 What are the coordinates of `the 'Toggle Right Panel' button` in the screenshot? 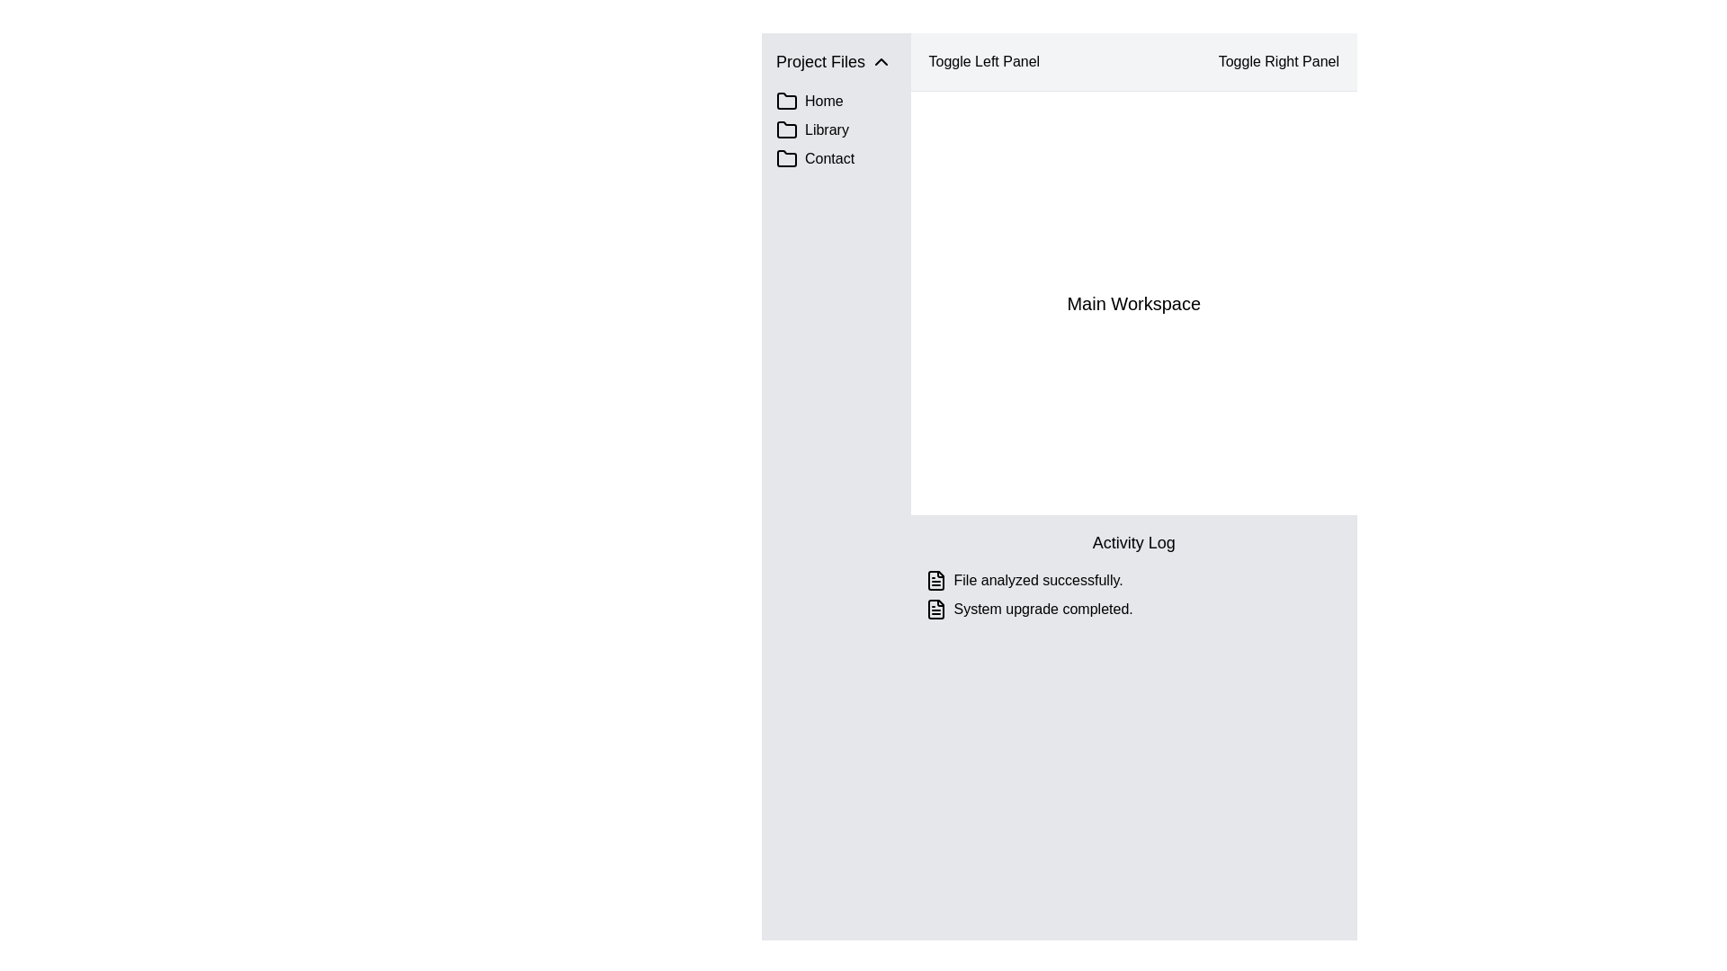 It's located at (1277, 61).